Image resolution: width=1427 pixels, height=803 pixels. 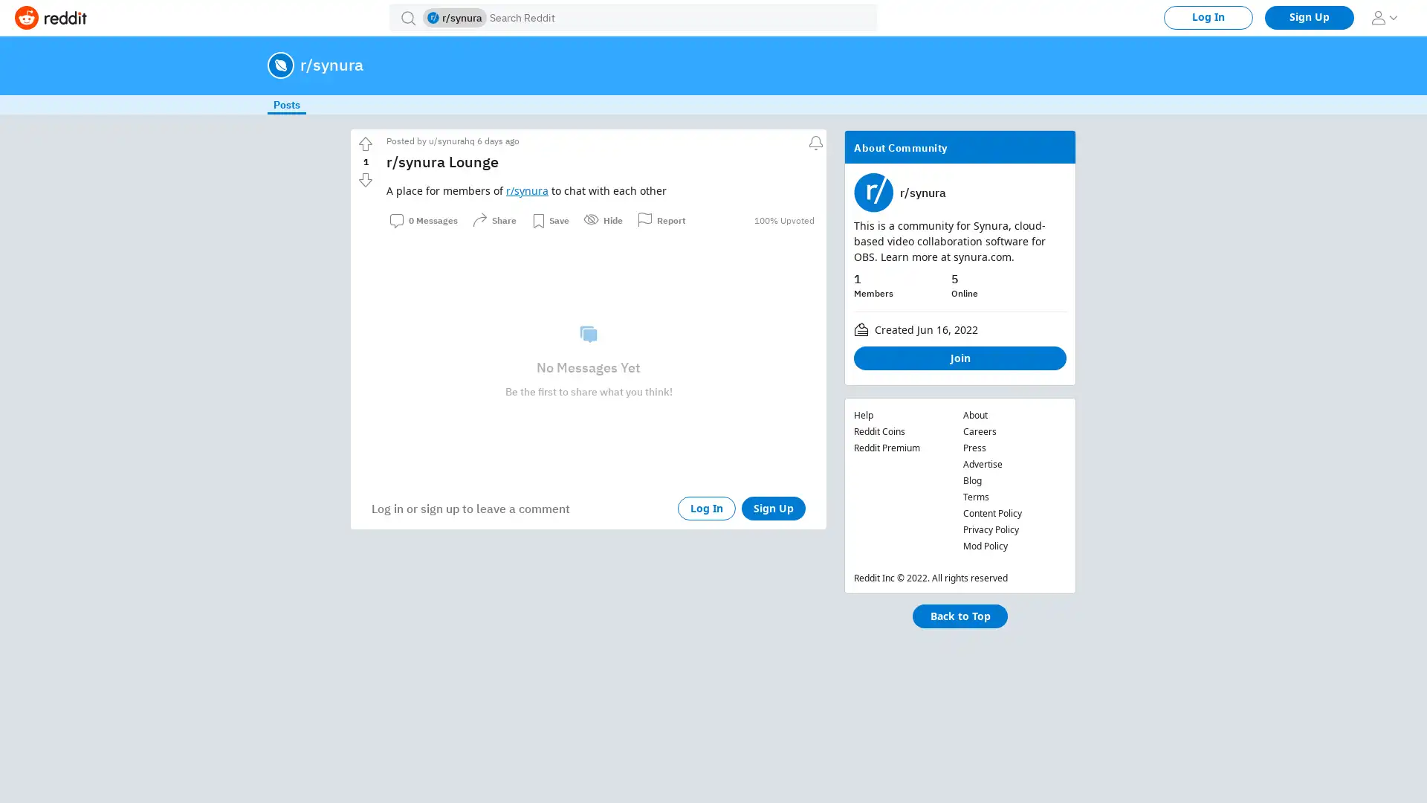 What do you see at coordinates (603, 220) in the screenshot?
I see `Hide` at bounding box center [603, 220].